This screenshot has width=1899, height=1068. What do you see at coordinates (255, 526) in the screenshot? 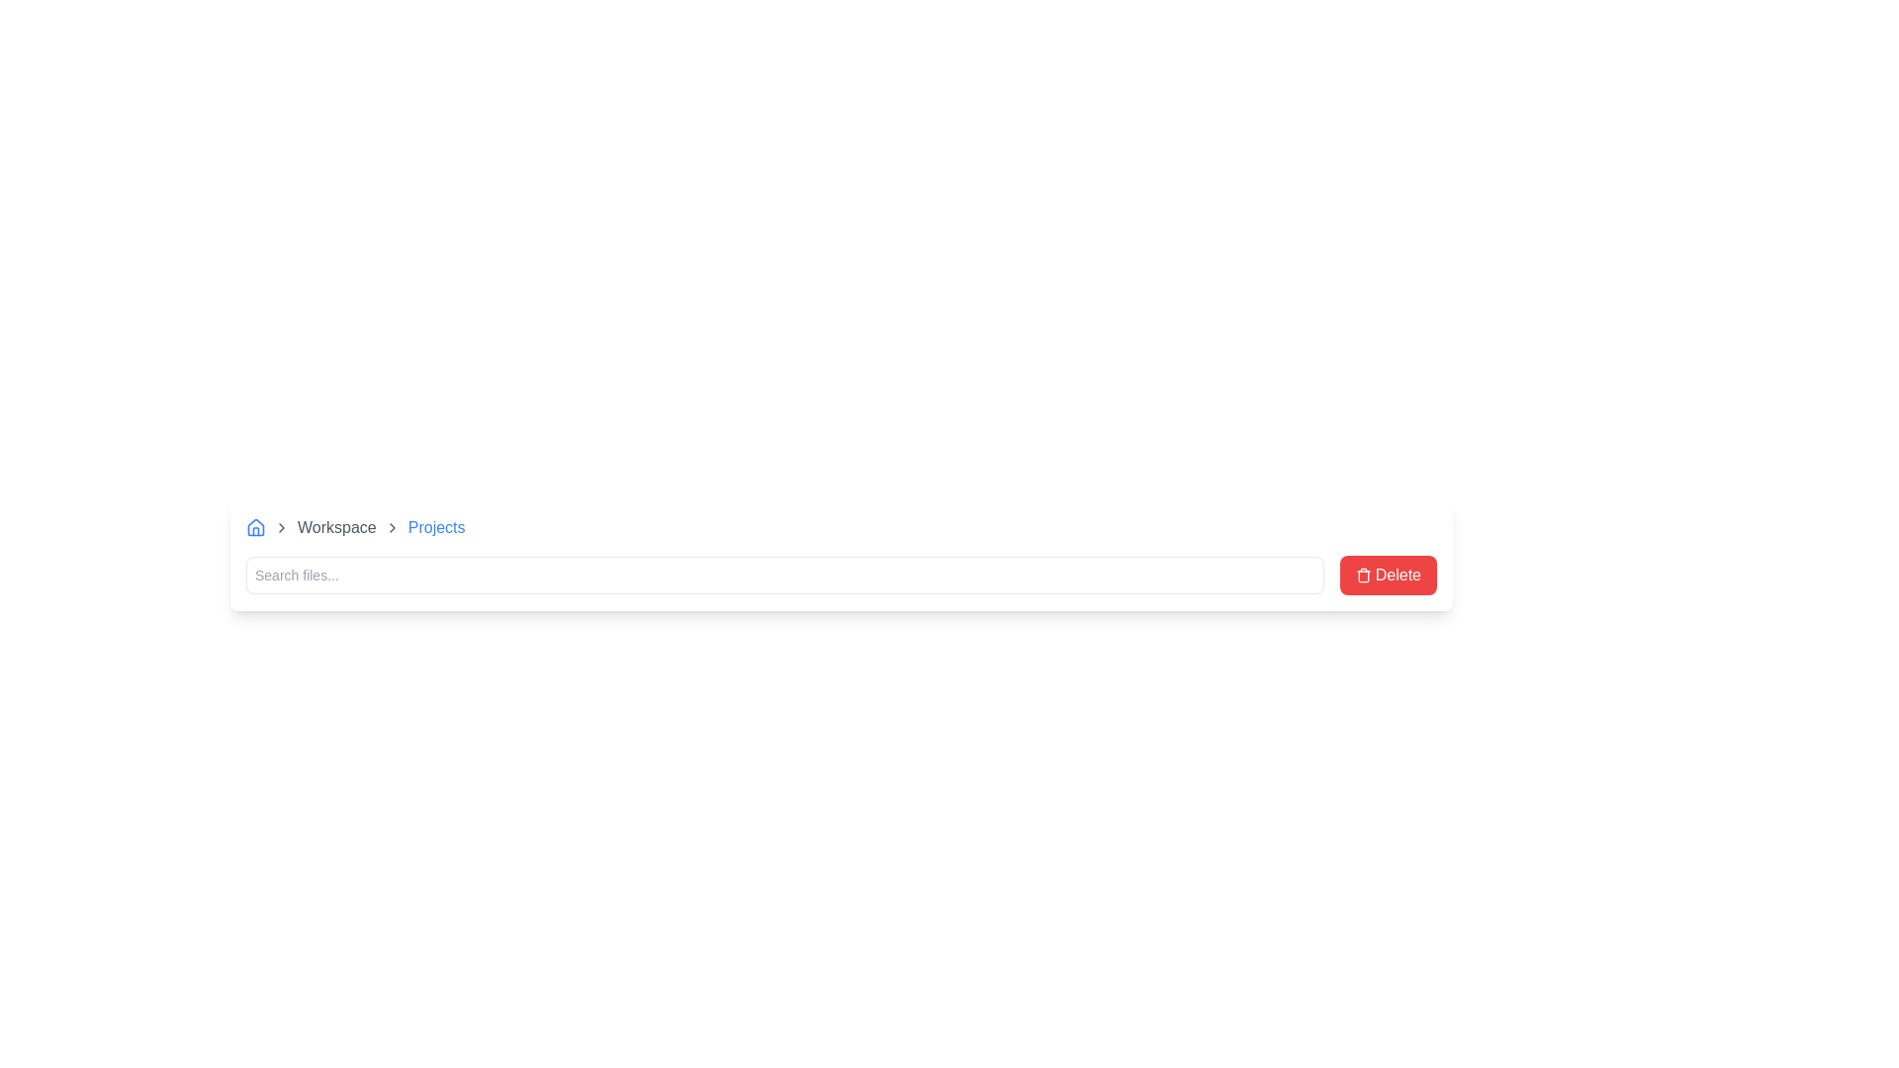
I see `the breadcrumb navigation icon` at bounding box center [255, 526].